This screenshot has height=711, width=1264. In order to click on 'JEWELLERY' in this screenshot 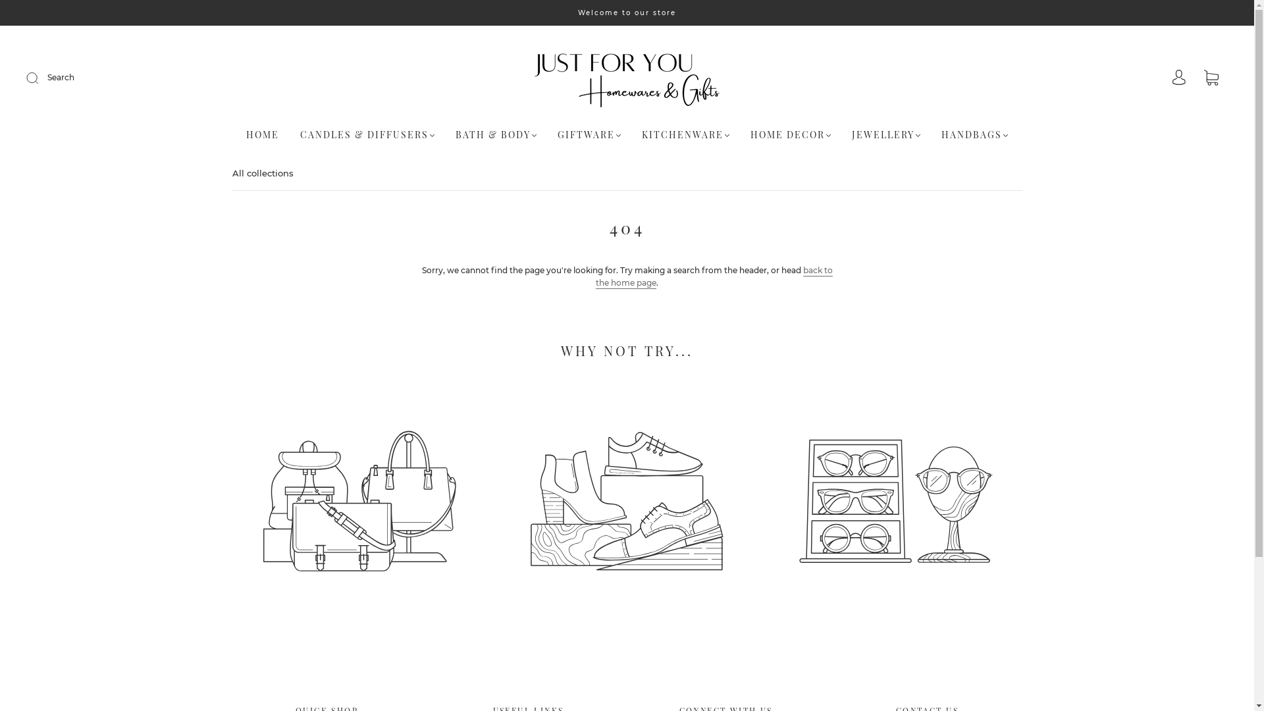, I will do `click(852, 134)`.